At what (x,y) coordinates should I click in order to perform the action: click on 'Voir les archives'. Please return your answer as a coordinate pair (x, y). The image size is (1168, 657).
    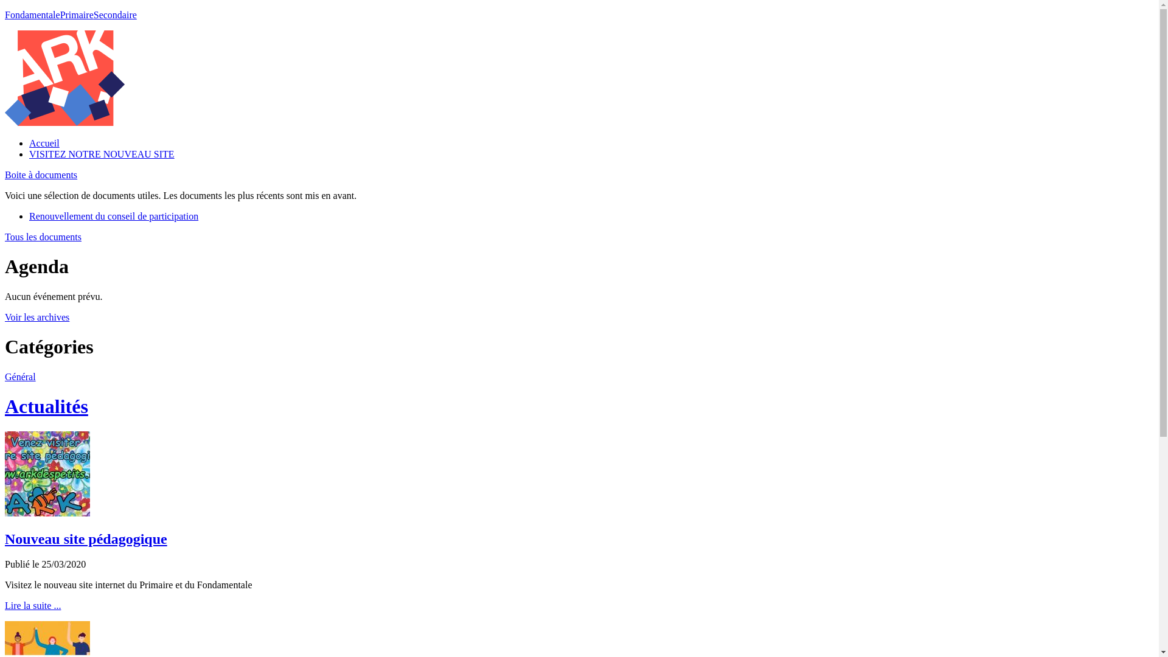
    Looking at the image, I should click on (37, 316).